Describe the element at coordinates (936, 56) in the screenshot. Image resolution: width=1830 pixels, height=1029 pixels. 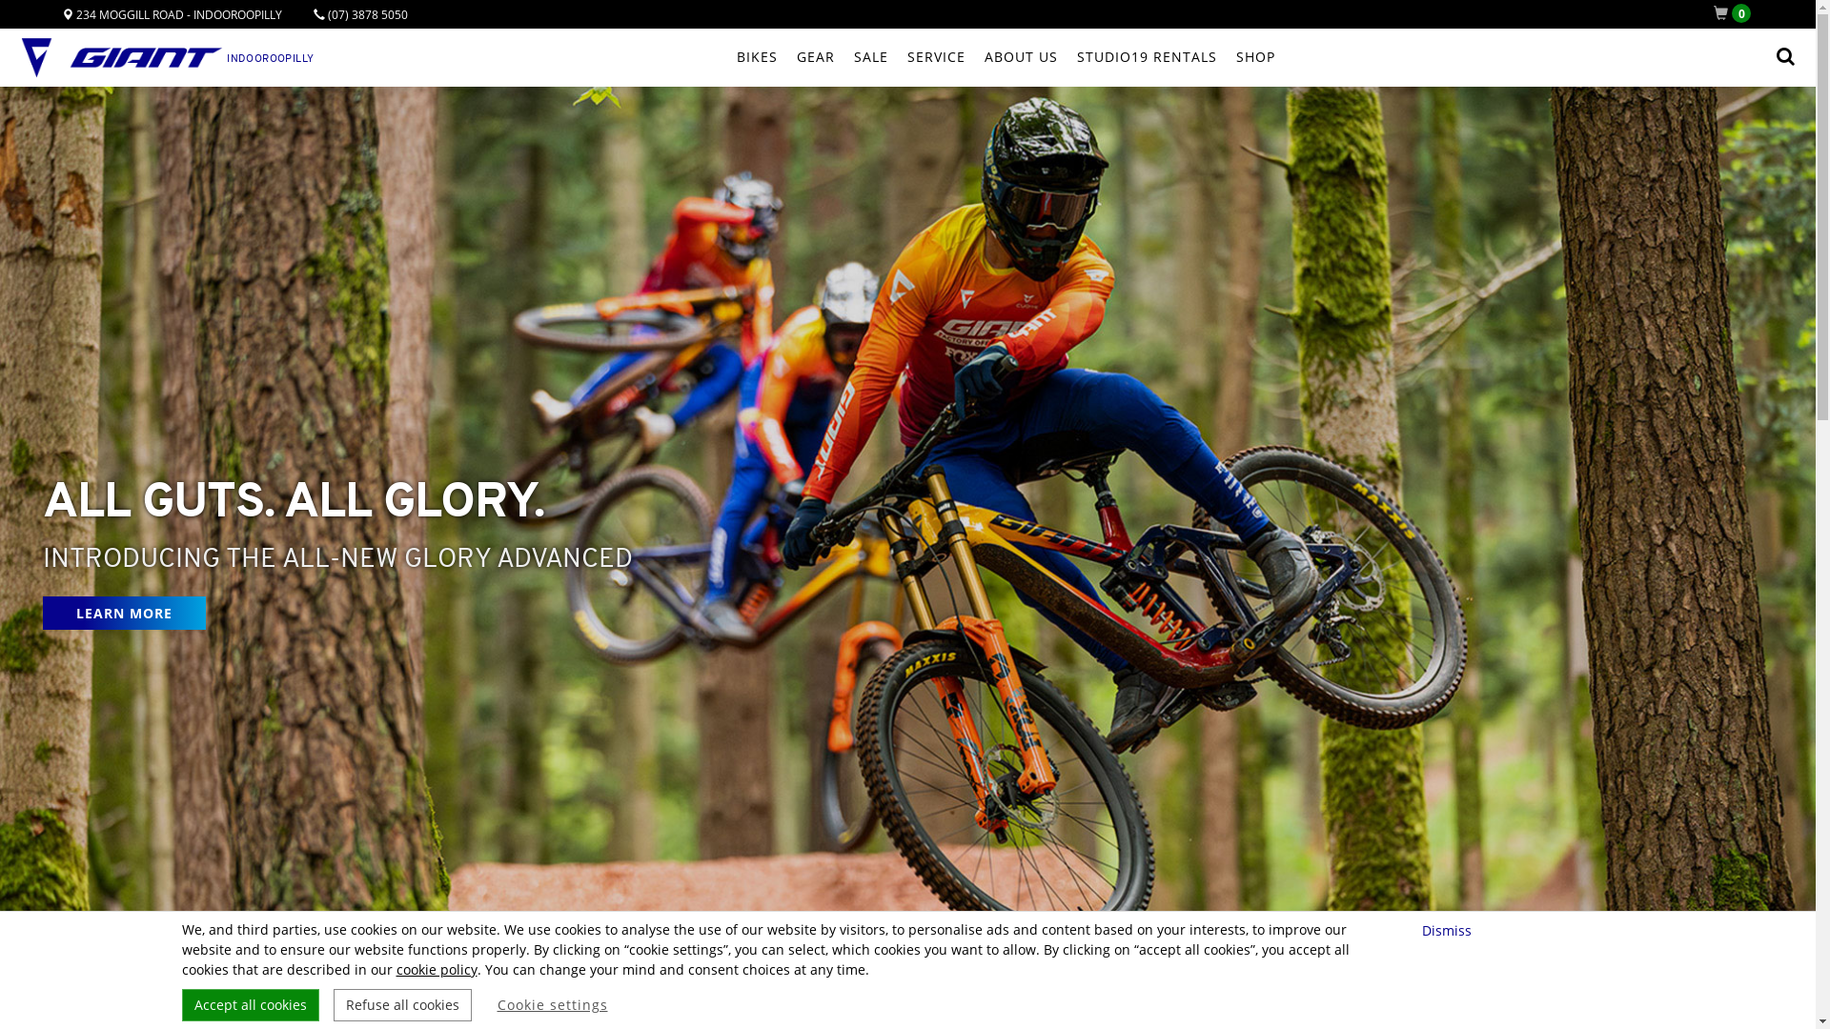
I see `'SERVICE'` at that location.